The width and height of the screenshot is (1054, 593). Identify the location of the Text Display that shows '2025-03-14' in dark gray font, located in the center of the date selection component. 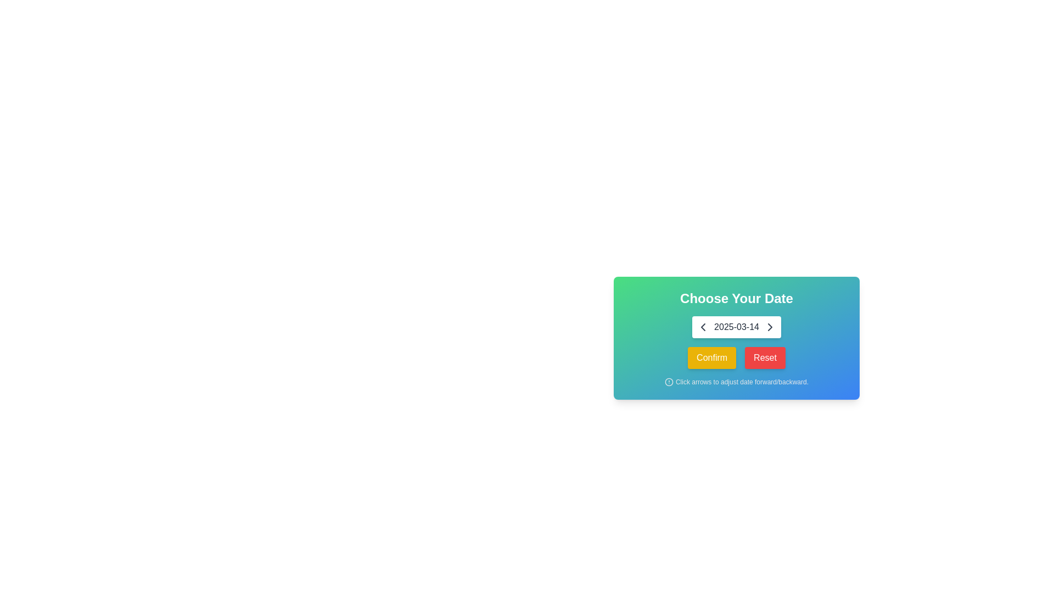
(737, 327).